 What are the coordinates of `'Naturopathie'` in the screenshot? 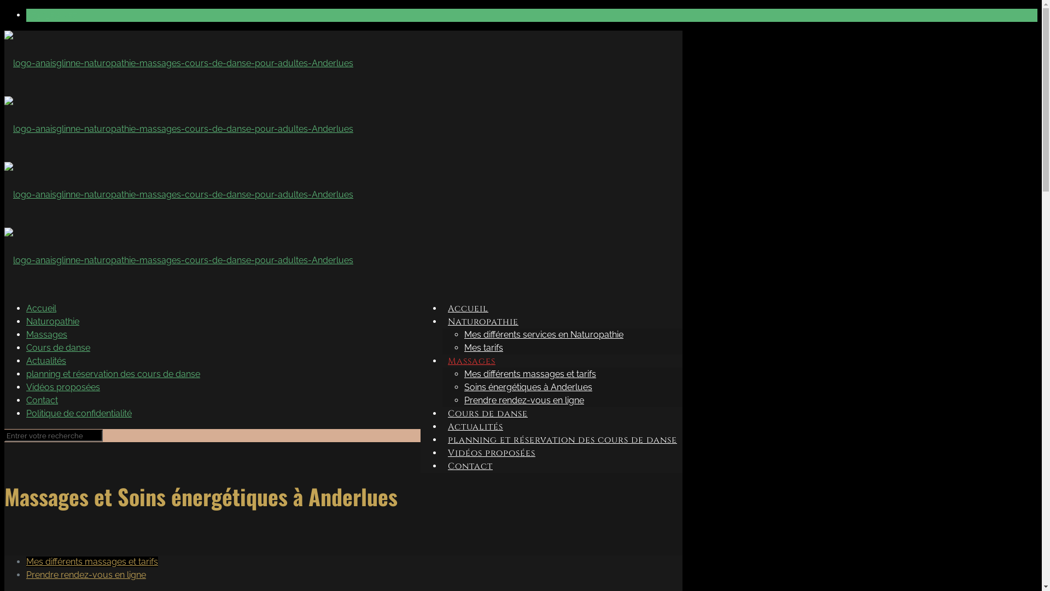 It's located at (482, 321).